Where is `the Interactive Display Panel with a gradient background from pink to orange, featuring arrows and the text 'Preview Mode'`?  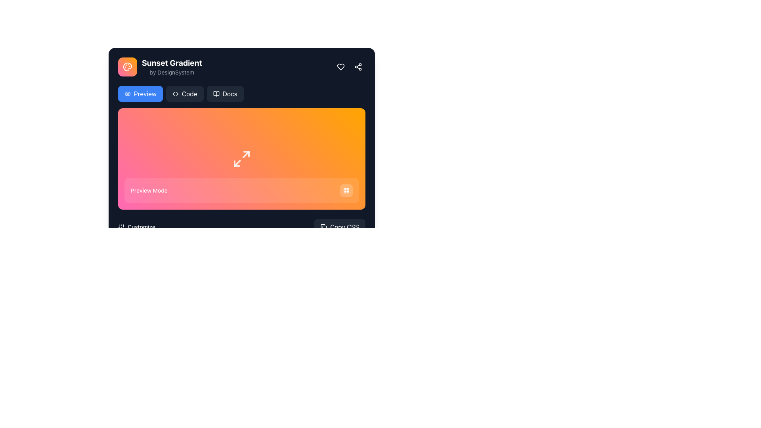
the Interactive Display Panel with a gradient background from pink to orange, featuring arrows and the text 'Preview Mode' is located at coordinates (241, 148).